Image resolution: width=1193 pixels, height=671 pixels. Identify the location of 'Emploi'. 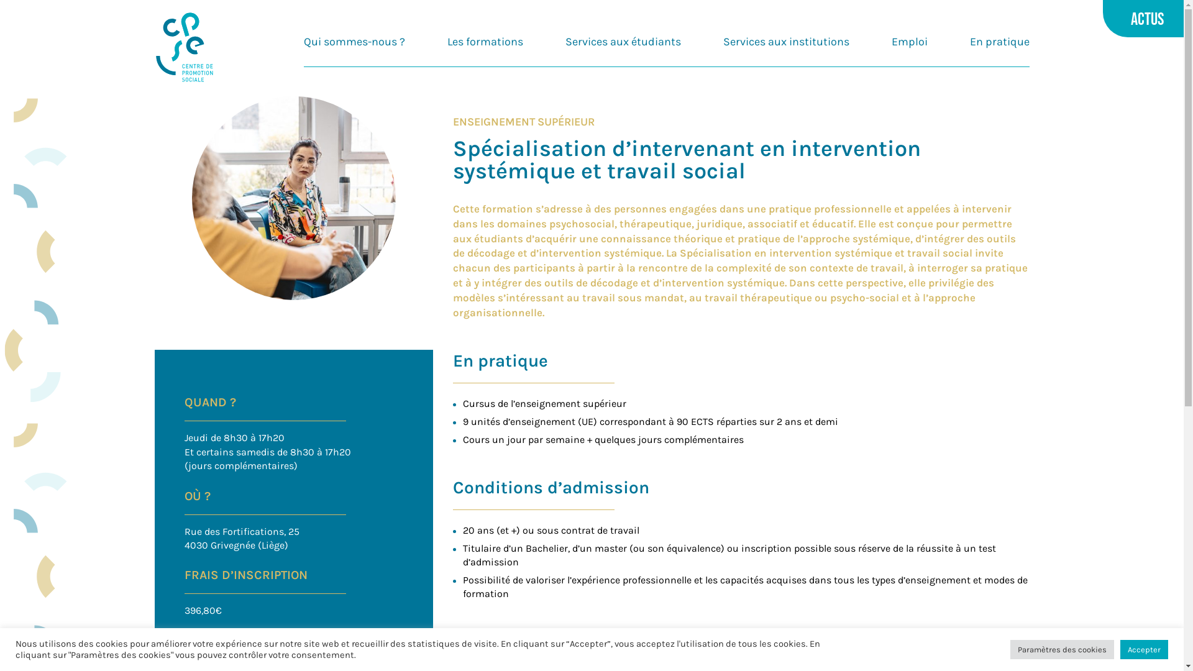
(890, 37).